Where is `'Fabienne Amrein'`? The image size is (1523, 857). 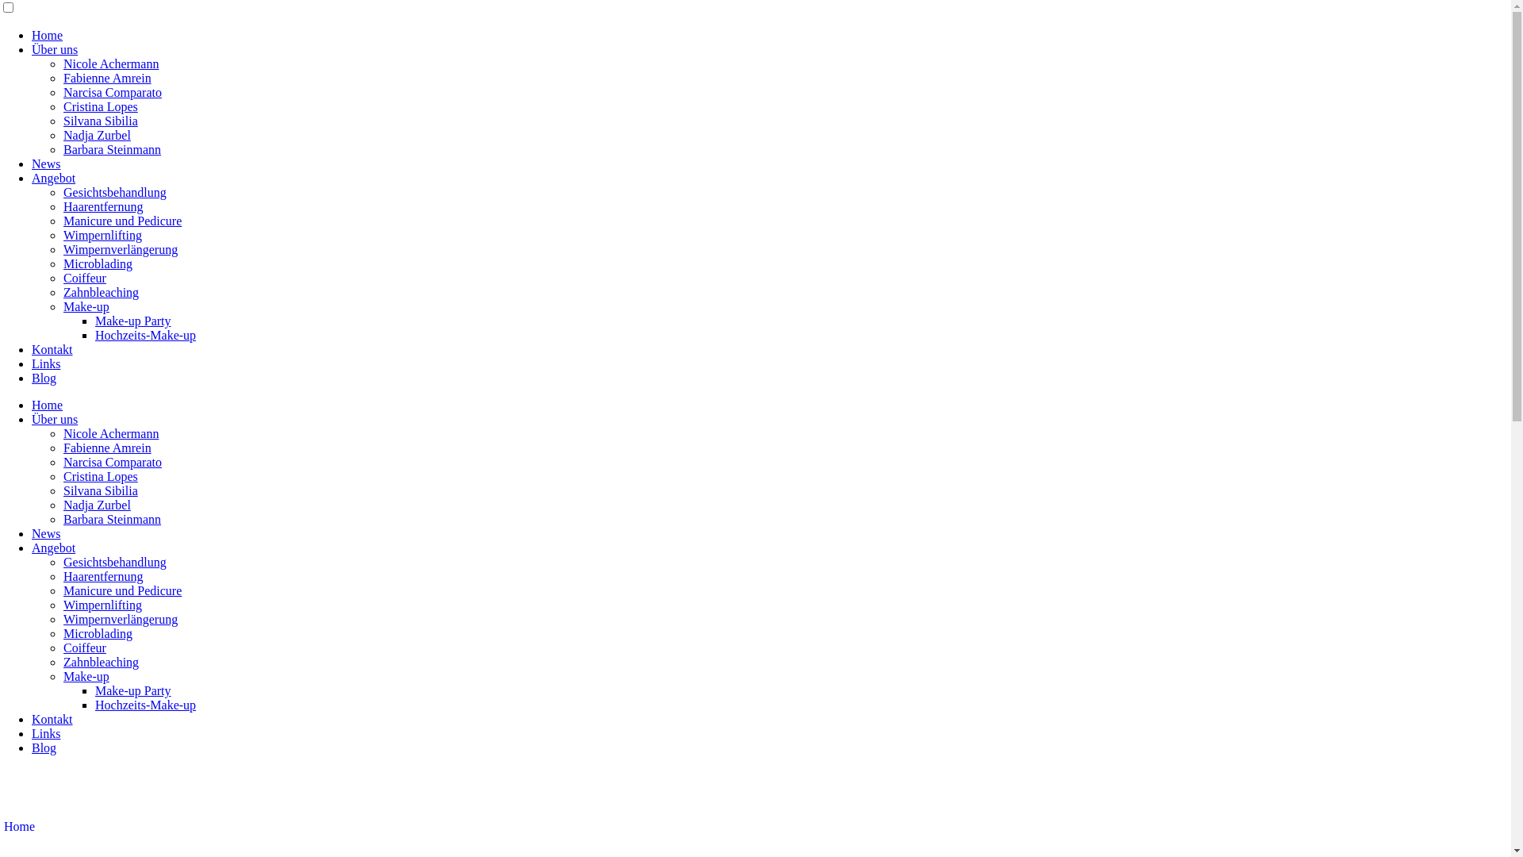 'Fabienne Amrein' is located at coordinates (106, 448).